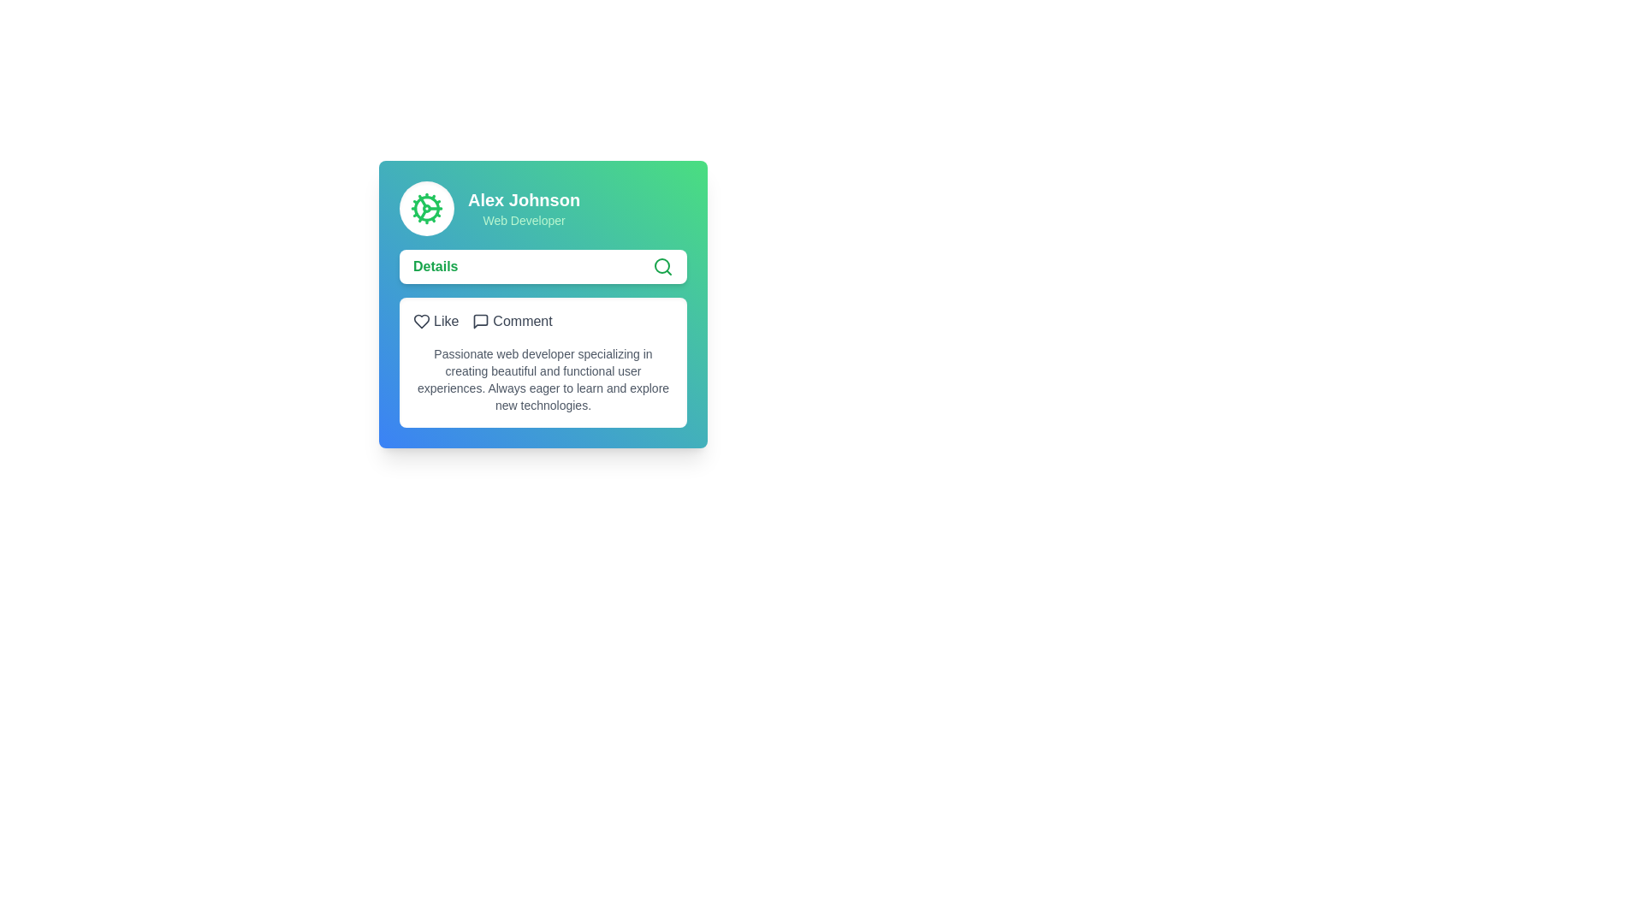  I want to click on text label displaying 'Alex Johnson' which is styled in bold white font against a green background gradient, located at the top of a mini-profile card interface, so click(523, 199).